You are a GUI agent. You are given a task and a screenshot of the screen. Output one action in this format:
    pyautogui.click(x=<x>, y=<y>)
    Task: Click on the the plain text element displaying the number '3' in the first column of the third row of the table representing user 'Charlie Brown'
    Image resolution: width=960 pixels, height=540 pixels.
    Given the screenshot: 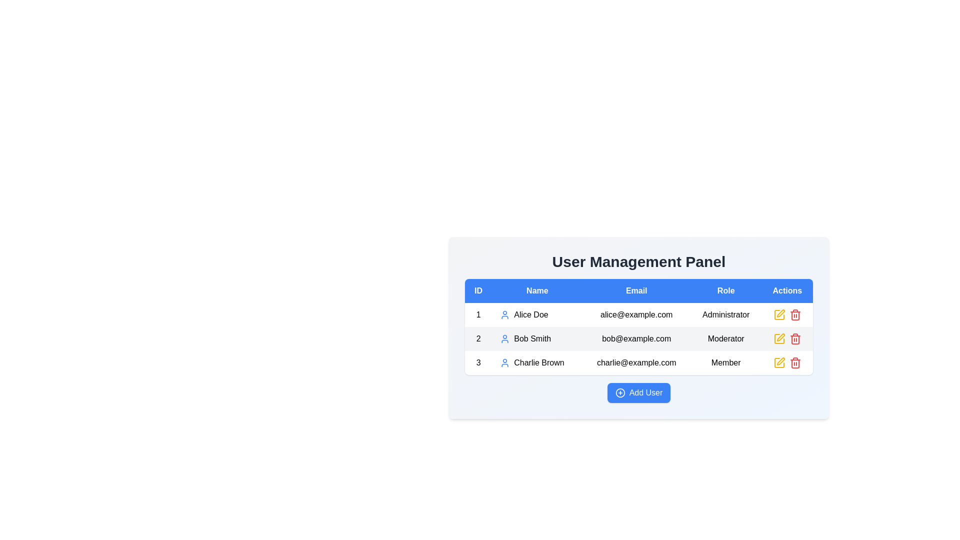 What is the action you would take?
    pyautogui.click(x=478, y=362)
    